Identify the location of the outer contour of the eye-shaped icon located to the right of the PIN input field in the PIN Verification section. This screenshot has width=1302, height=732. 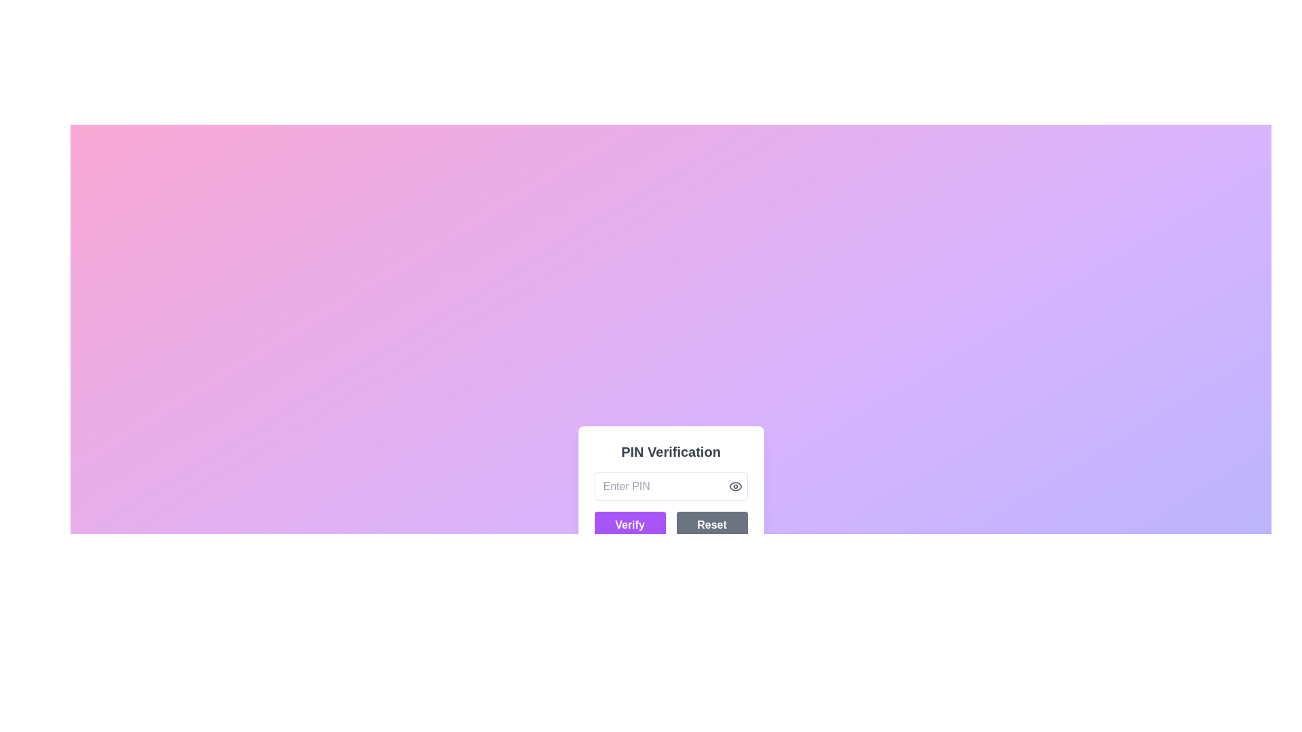
(734, 485).